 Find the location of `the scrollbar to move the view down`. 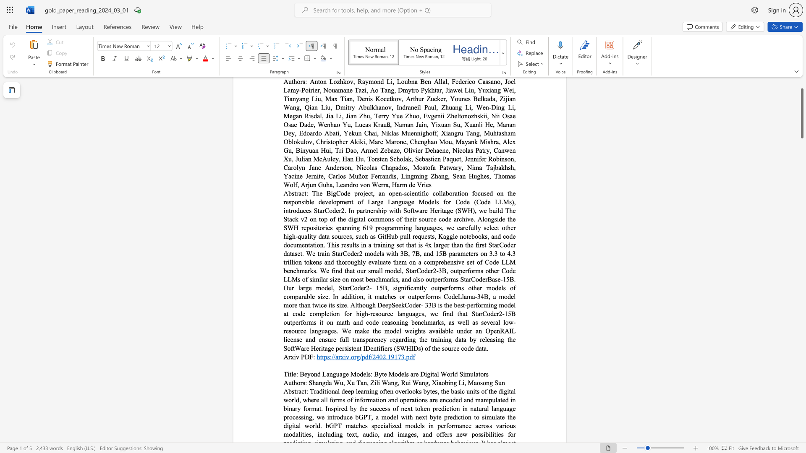

the scrollbar to move the view down is located at coordinates (801, 189).